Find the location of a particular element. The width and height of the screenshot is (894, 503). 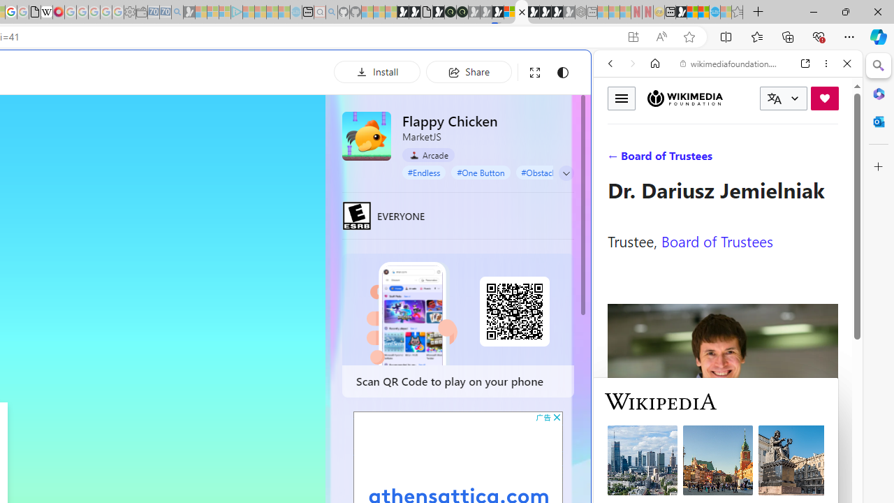

'Microsoft account | Privacy - Sleeping' is located at coordinates (224, 12).